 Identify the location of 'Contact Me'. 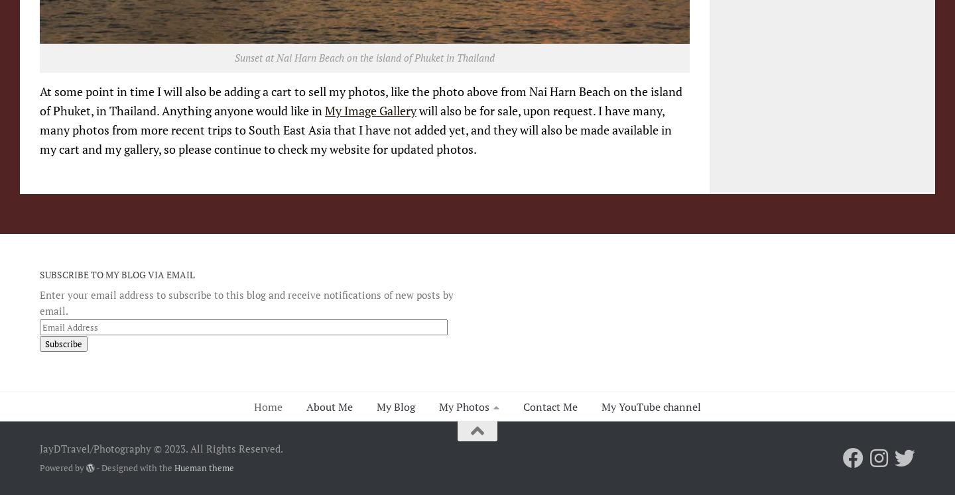
(550, 406).